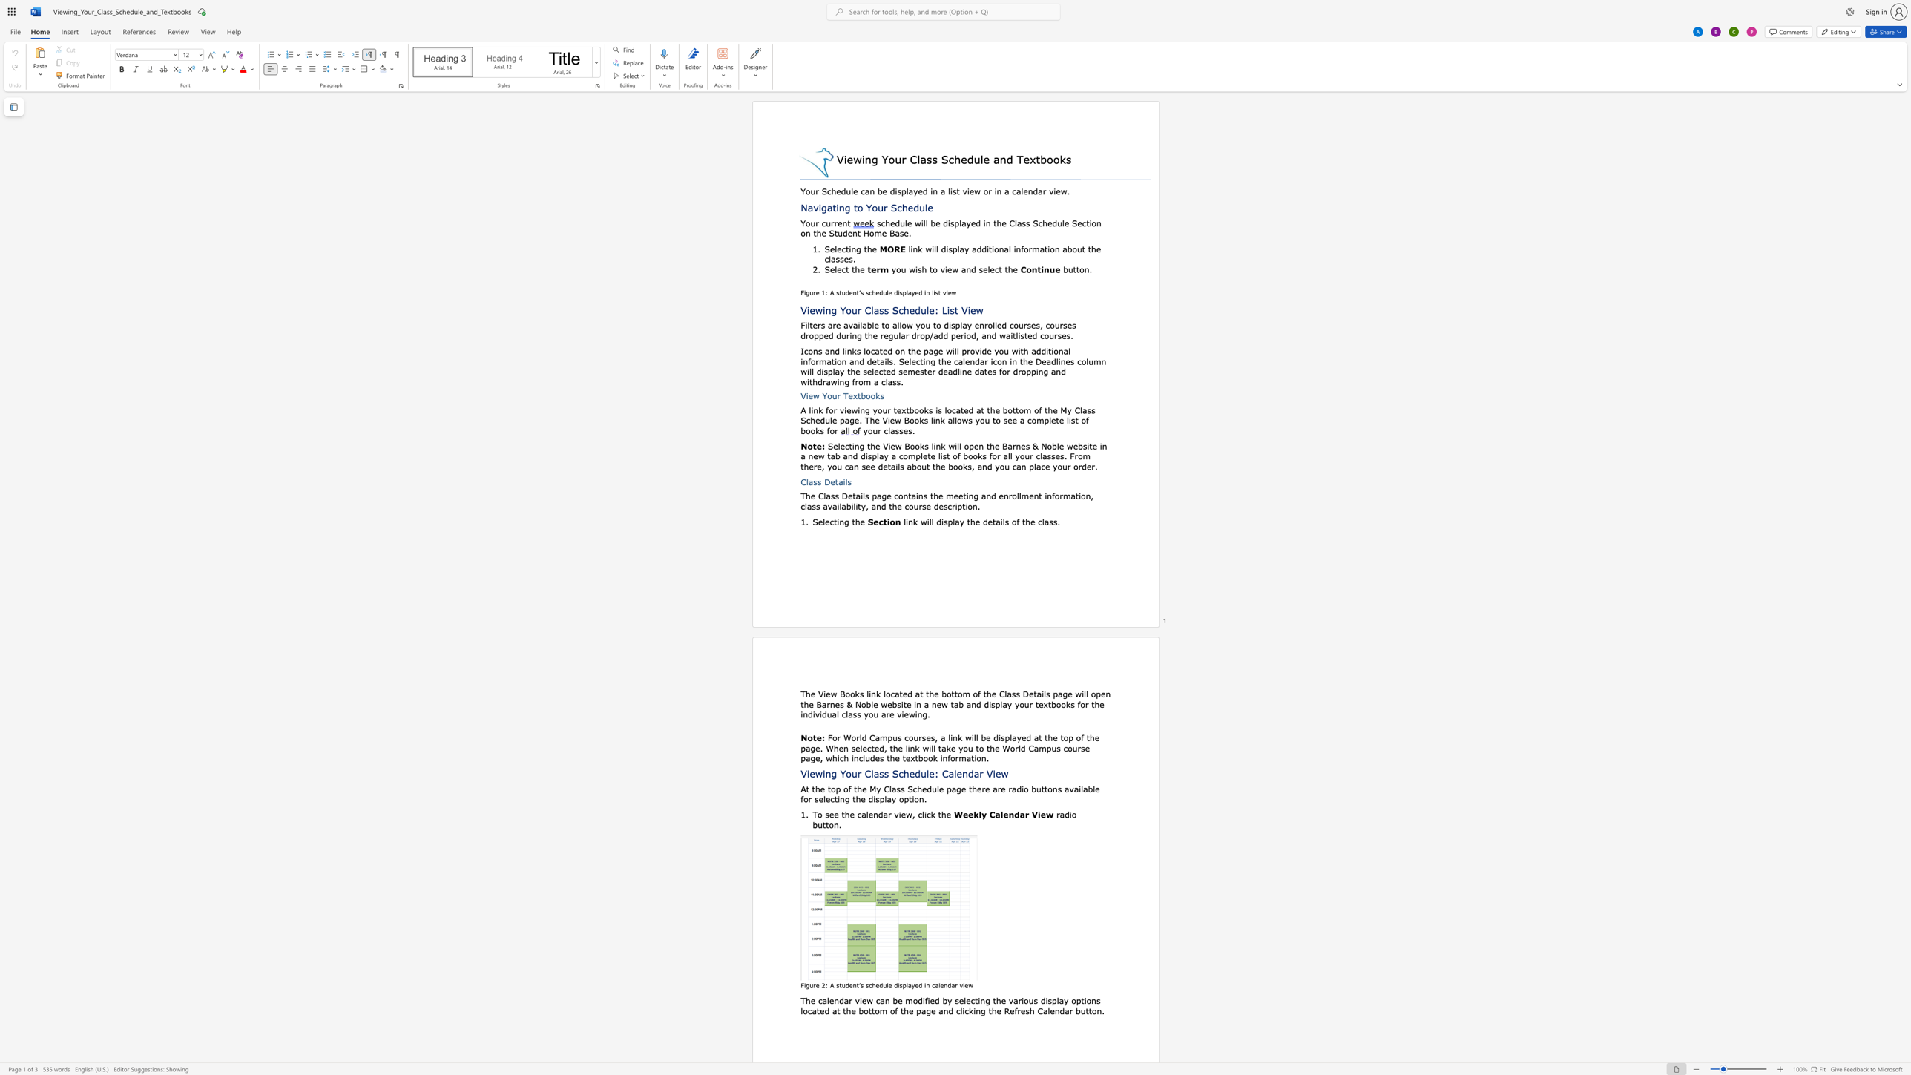 The width and height of the screenshot is (1911, 1075). What do you see at coordinates (955, 419) in the screenshot?
I see `the 5th character "l" in the text` at bounding box center [955, 419].